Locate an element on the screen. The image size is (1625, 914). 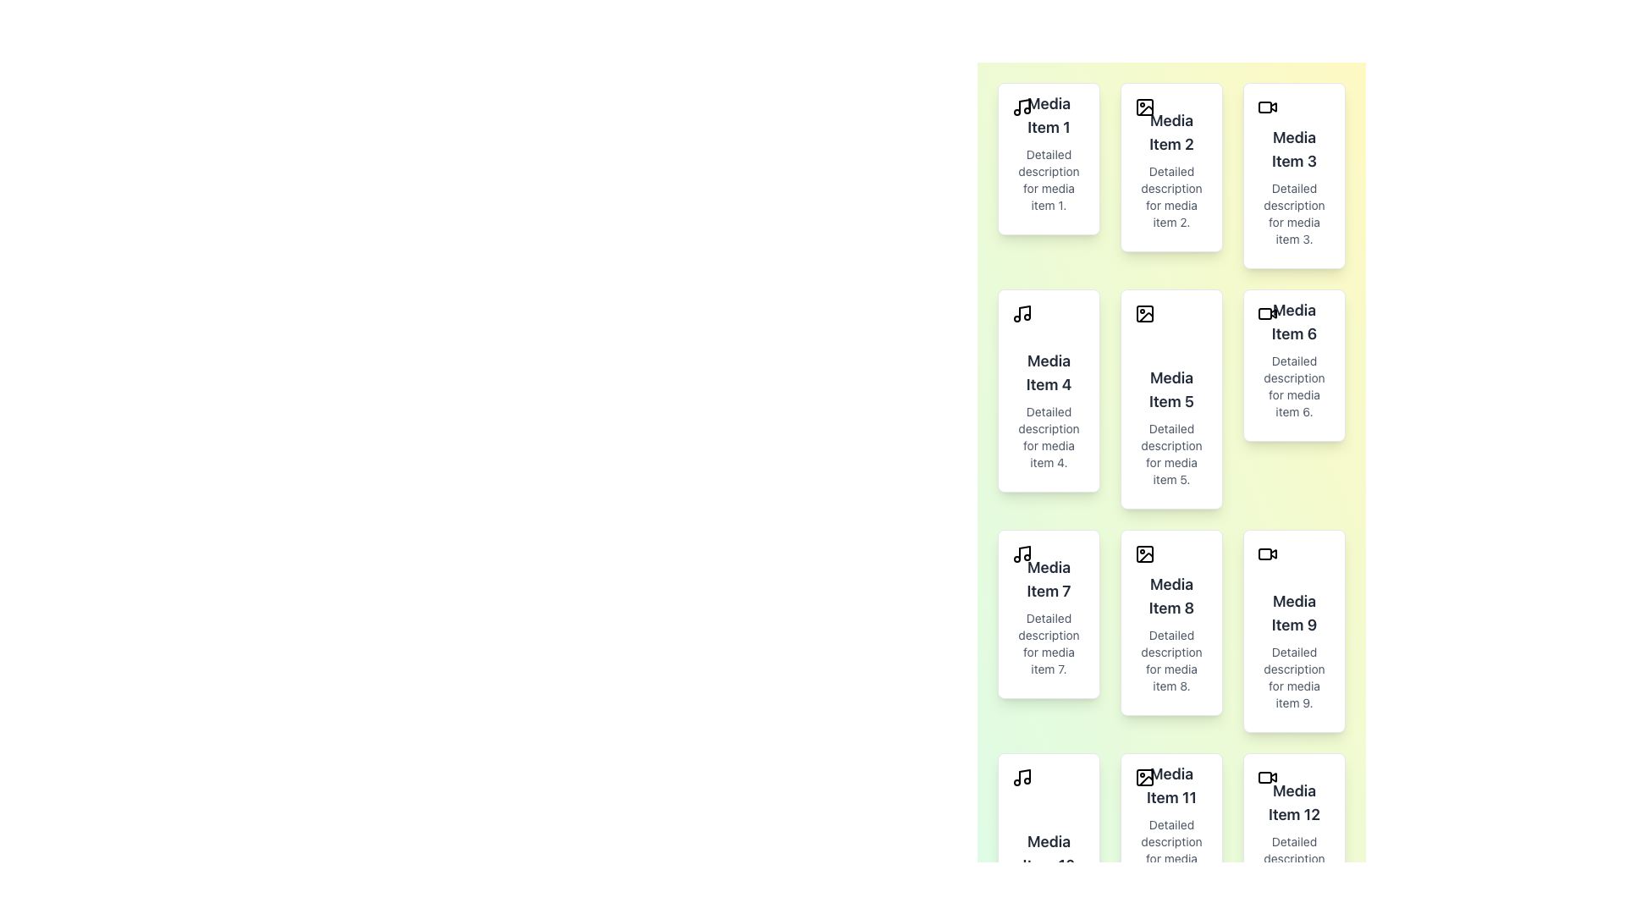
the title text of the media item located in the first column of the second row of the grid layout is located at coordinates (1048, 372).